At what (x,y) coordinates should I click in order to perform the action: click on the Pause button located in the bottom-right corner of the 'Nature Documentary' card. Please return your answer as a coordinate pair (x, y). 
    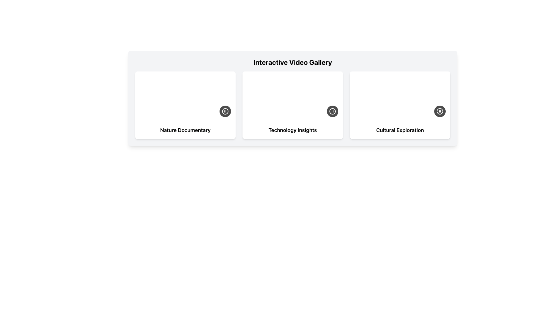
    Looking at the image, I should click on (225, 111).